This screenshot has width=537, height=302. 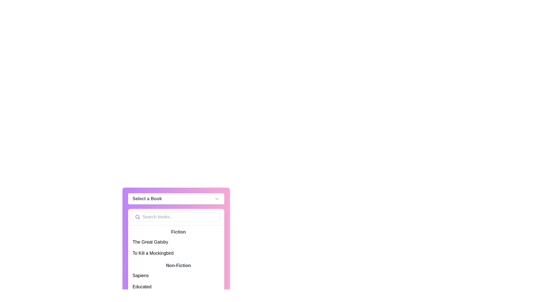 I want to click on the first selectable item in the dropdown menu that represents the book titled 'The Great Gatsby', so click(x=176, y=242).